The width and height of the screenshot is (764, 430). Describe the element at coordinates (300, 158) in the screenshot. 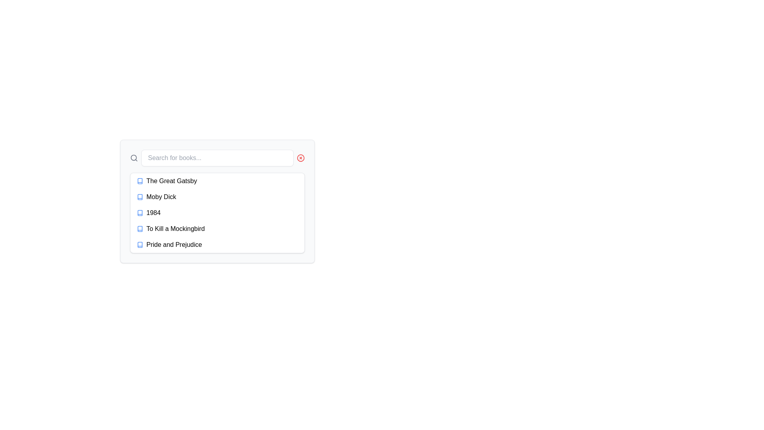

I see `the circular element representing the 'close' icon located at the upper-right corner of the search bar` at that location.